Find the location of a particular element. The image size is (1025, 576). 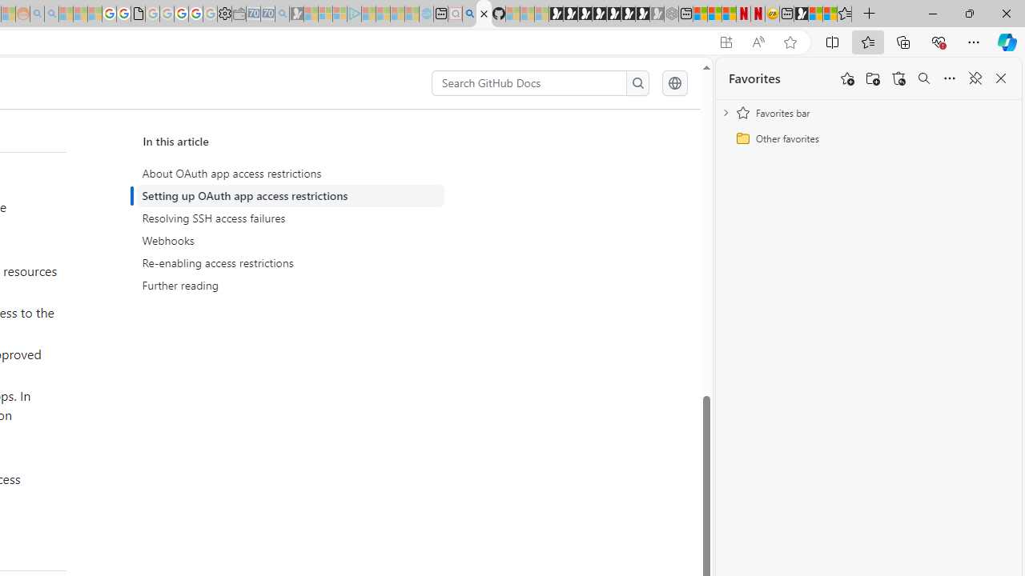

'Setting up OAuth app access restrictions' is located at coordinates (293, 195).